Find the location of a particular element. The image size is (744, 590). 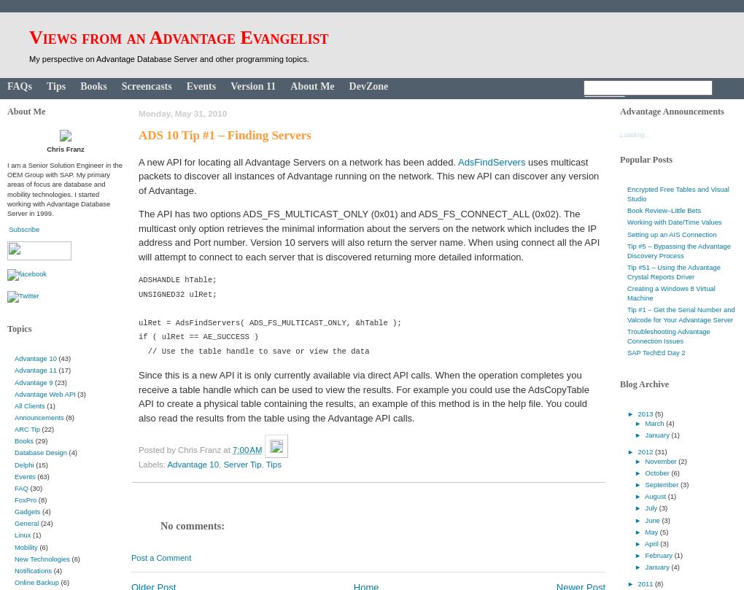

'(43)' is located at coordinates (63, 357).